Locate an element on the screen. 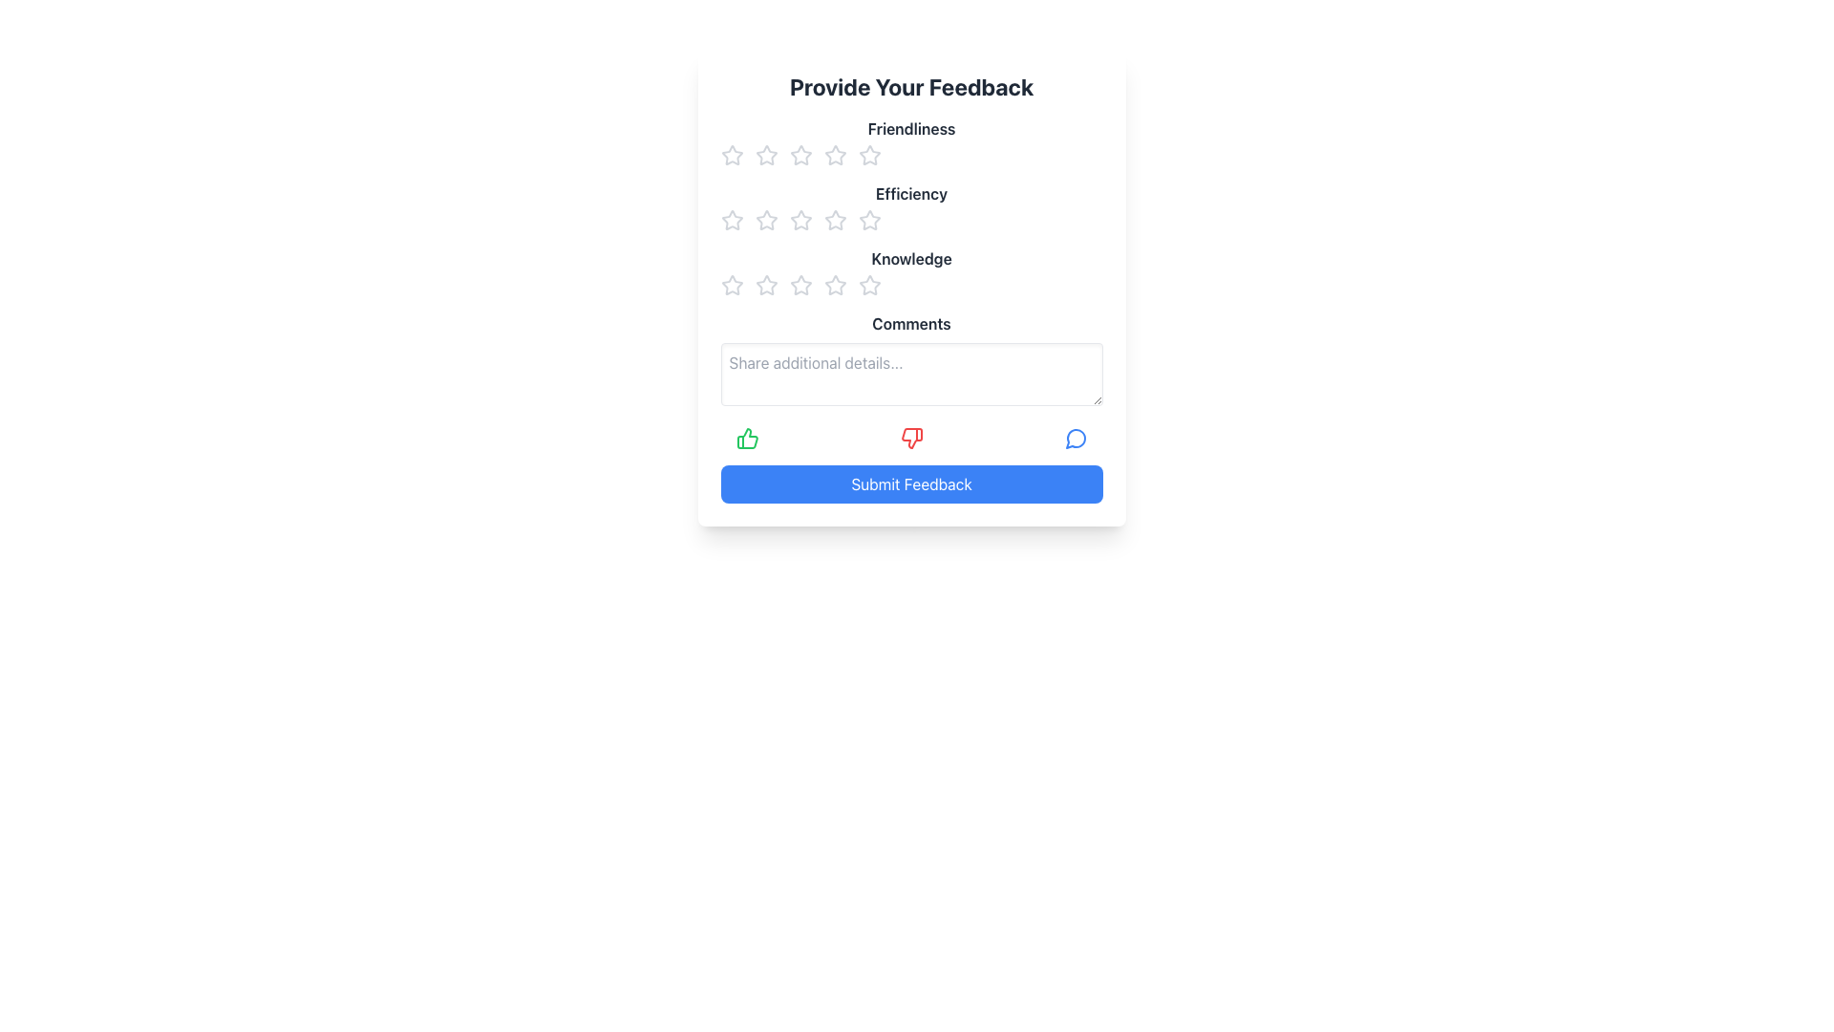 The image size is (1834, 1032). the fourth star icon under the 'Friendliness' heading in the rating system to indicate a rating value is located at coordinates (835, 154).